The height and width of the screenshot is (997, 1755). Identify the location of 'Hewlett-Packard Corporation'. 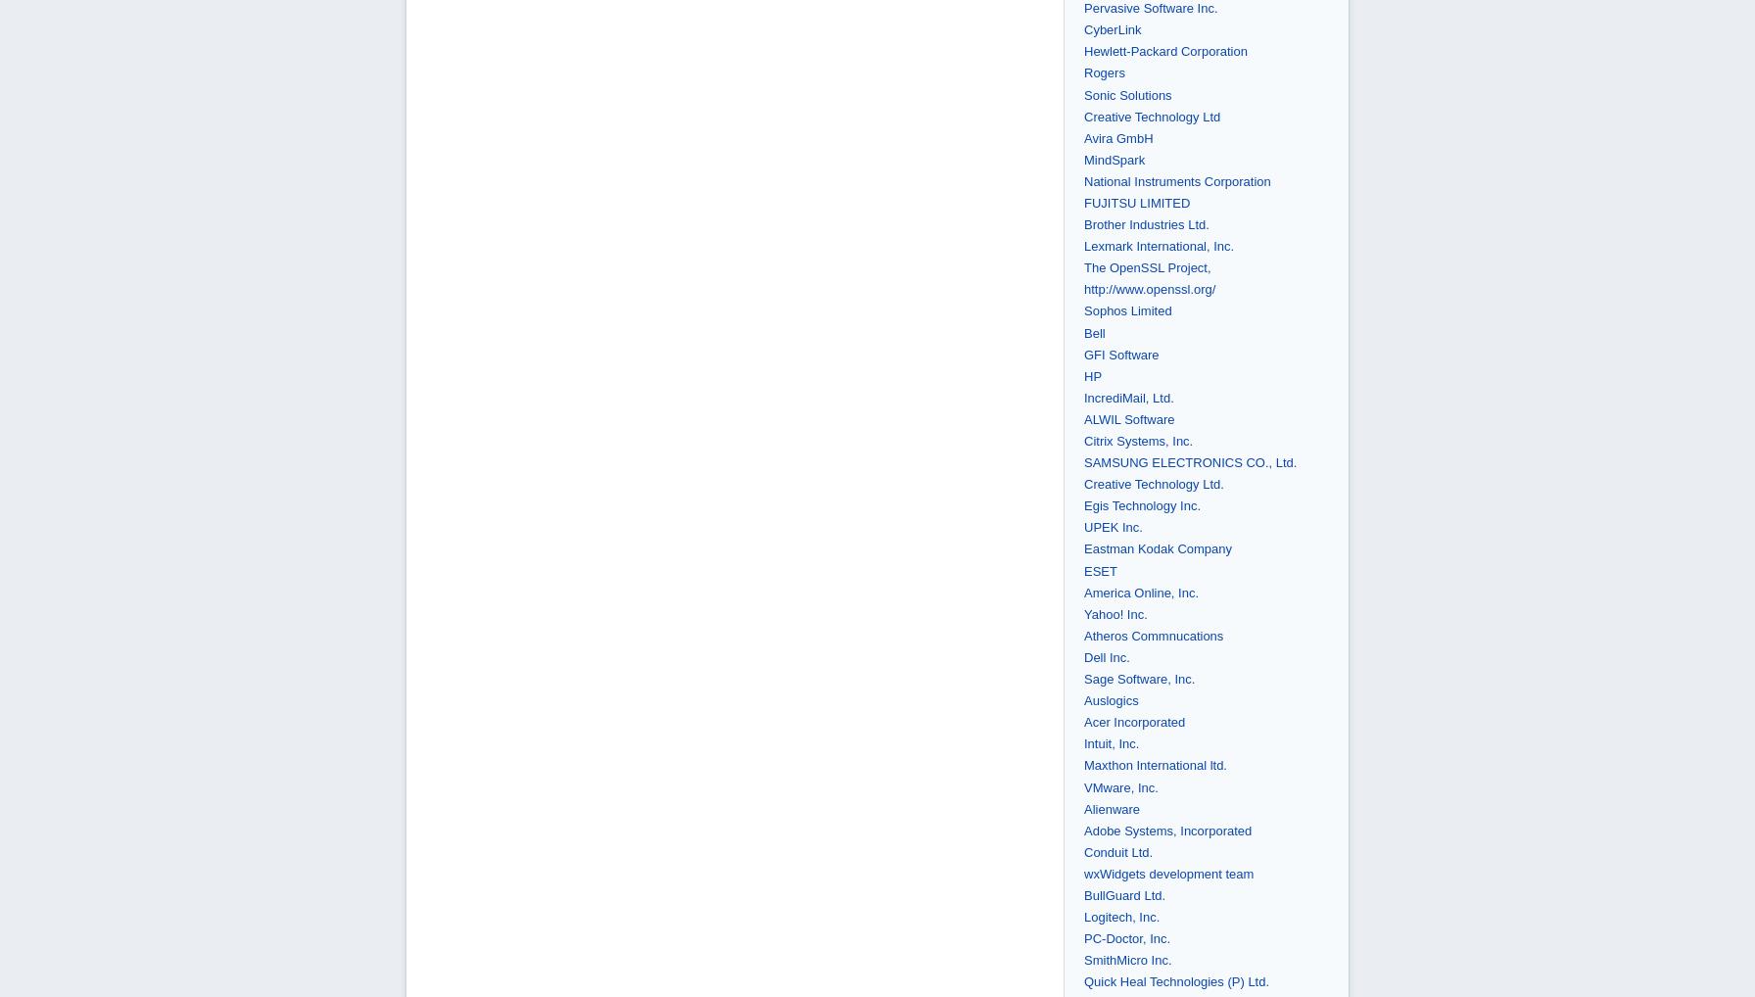
(1083, 51).